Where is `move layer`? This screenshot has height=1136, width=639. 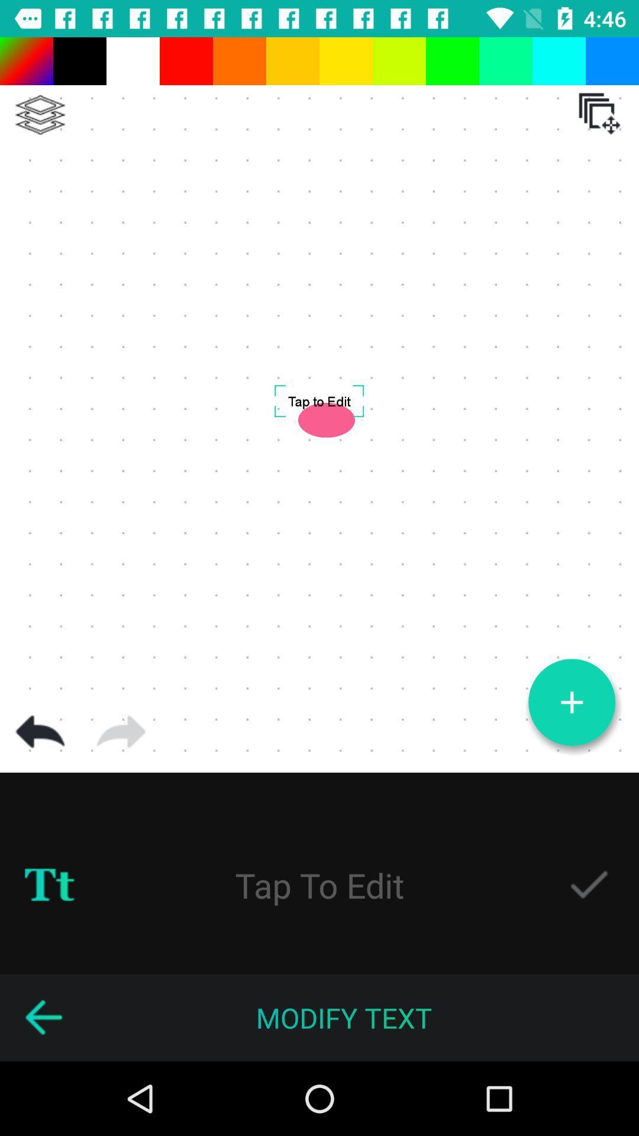 move layer is located at coordinates (599, 114).